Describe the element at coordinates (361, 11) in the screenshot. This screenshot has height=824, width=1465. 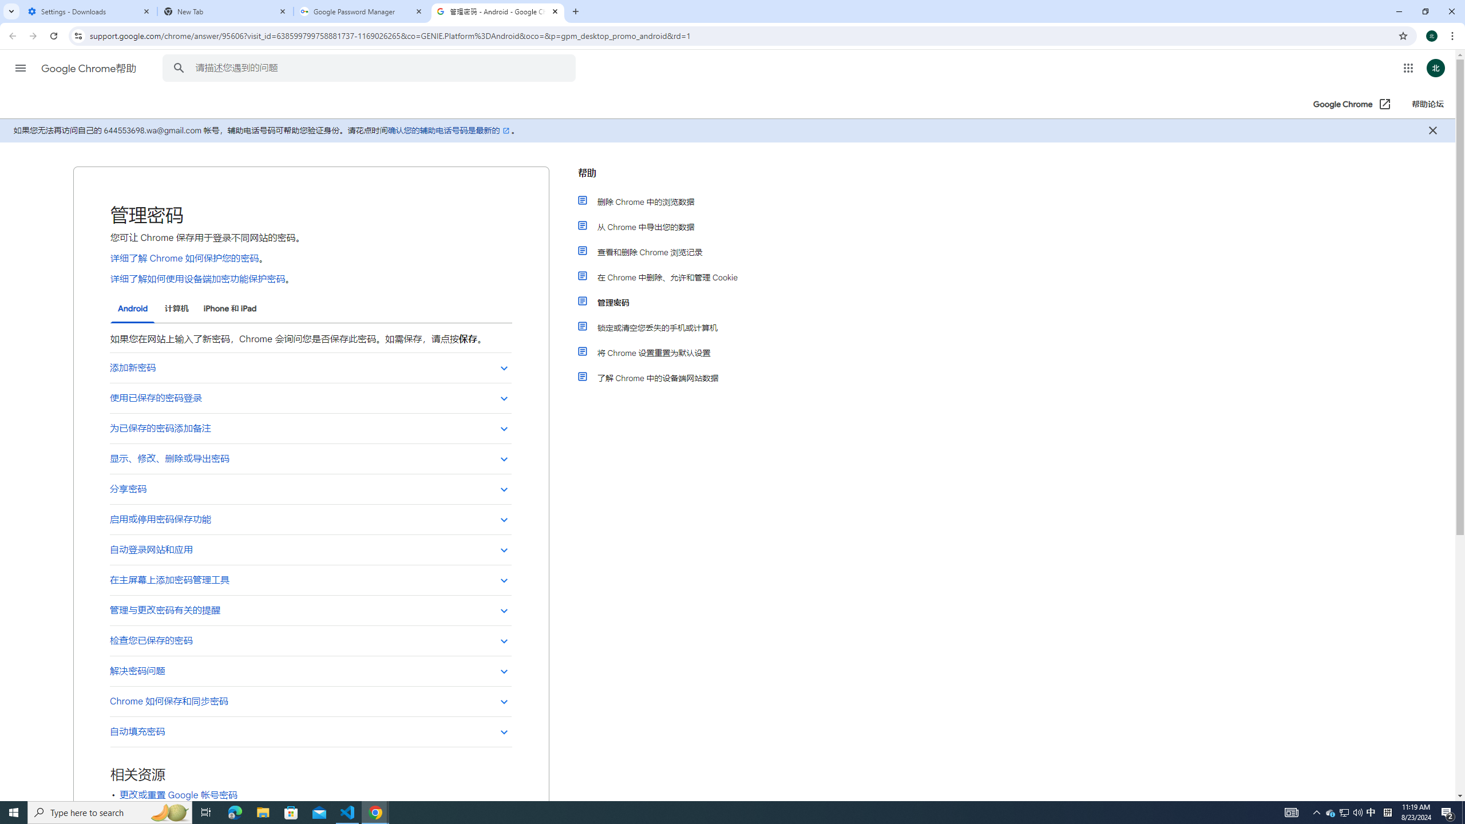
I see `'Google Password Manager'` at that location.